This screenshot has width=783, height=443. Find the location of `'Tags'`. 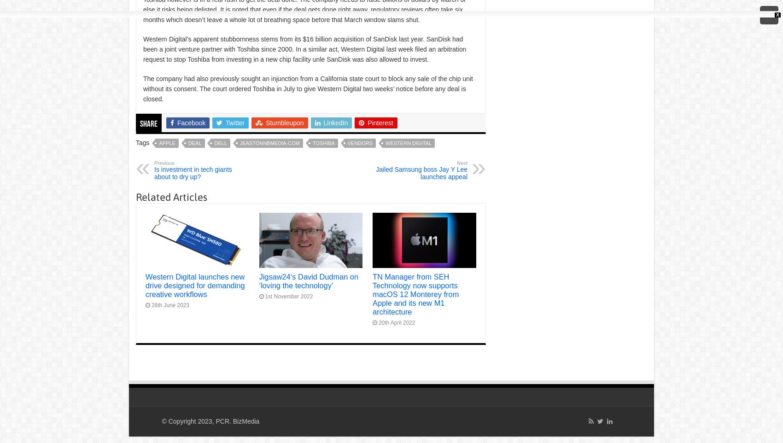

'Tags' is located at coordinates (143, 142).